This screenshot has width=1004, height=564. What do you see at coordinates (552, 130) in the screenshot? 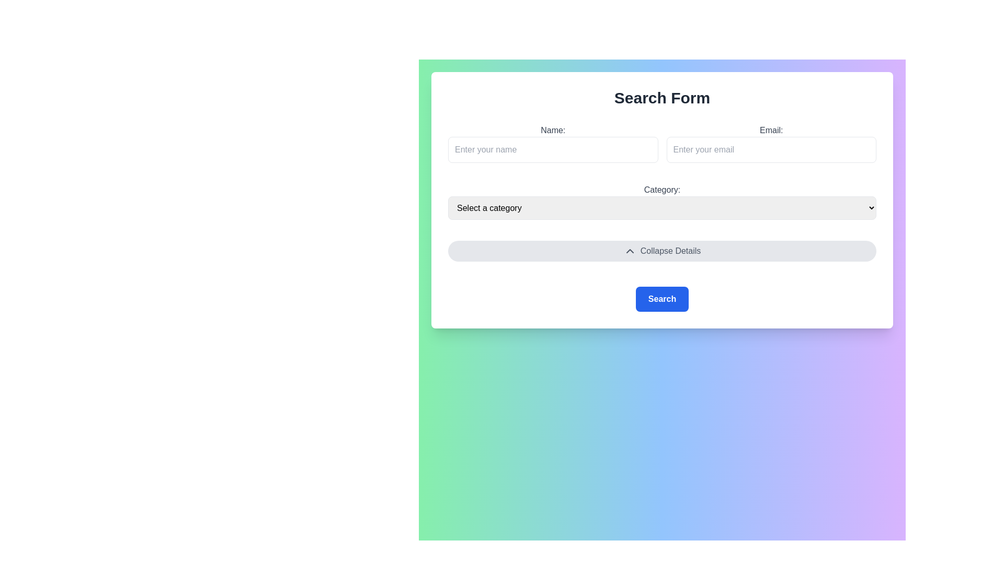
I see `the text label 'Name:' which is displayed in bold, medium-sized gray font, located above the input field for entering a name` at bounding box center [552, 130].